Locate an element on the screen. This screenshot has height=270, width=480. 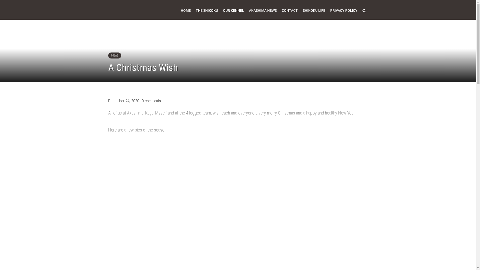
'December 24, 2020' is located at coordinates (123, 101).